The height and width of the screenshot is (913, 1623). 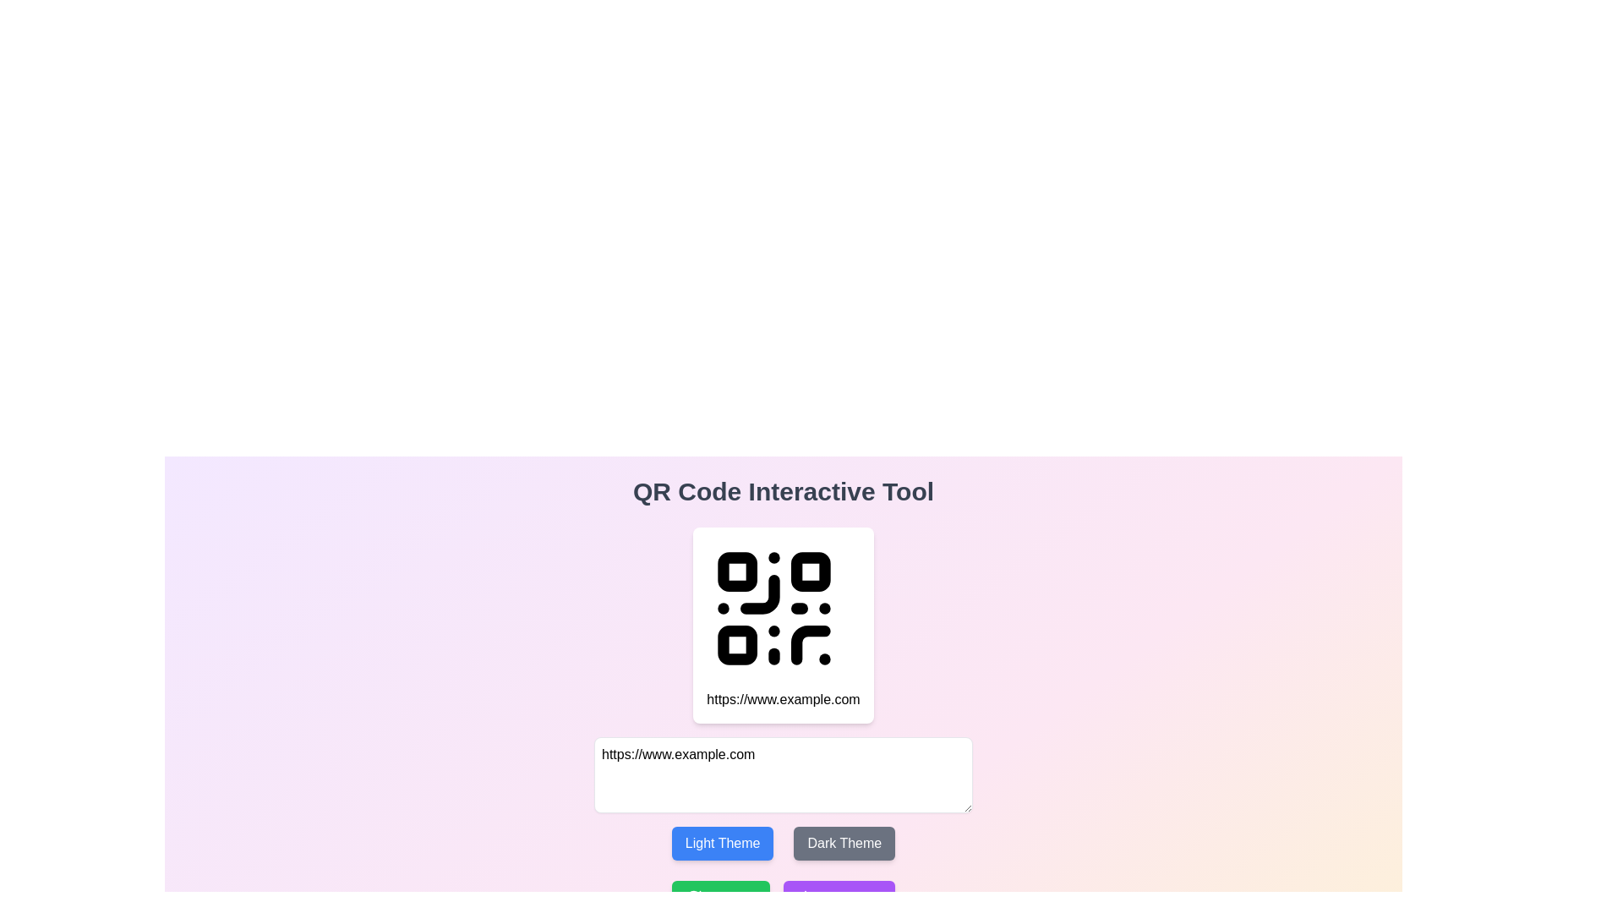 What do you see at coordinates (844, 844) in the screenshot?
I see `the 'Dark Theme' button, which is a rectangular button with bold white text on a dark gray background` at bounding box center [844, 844].